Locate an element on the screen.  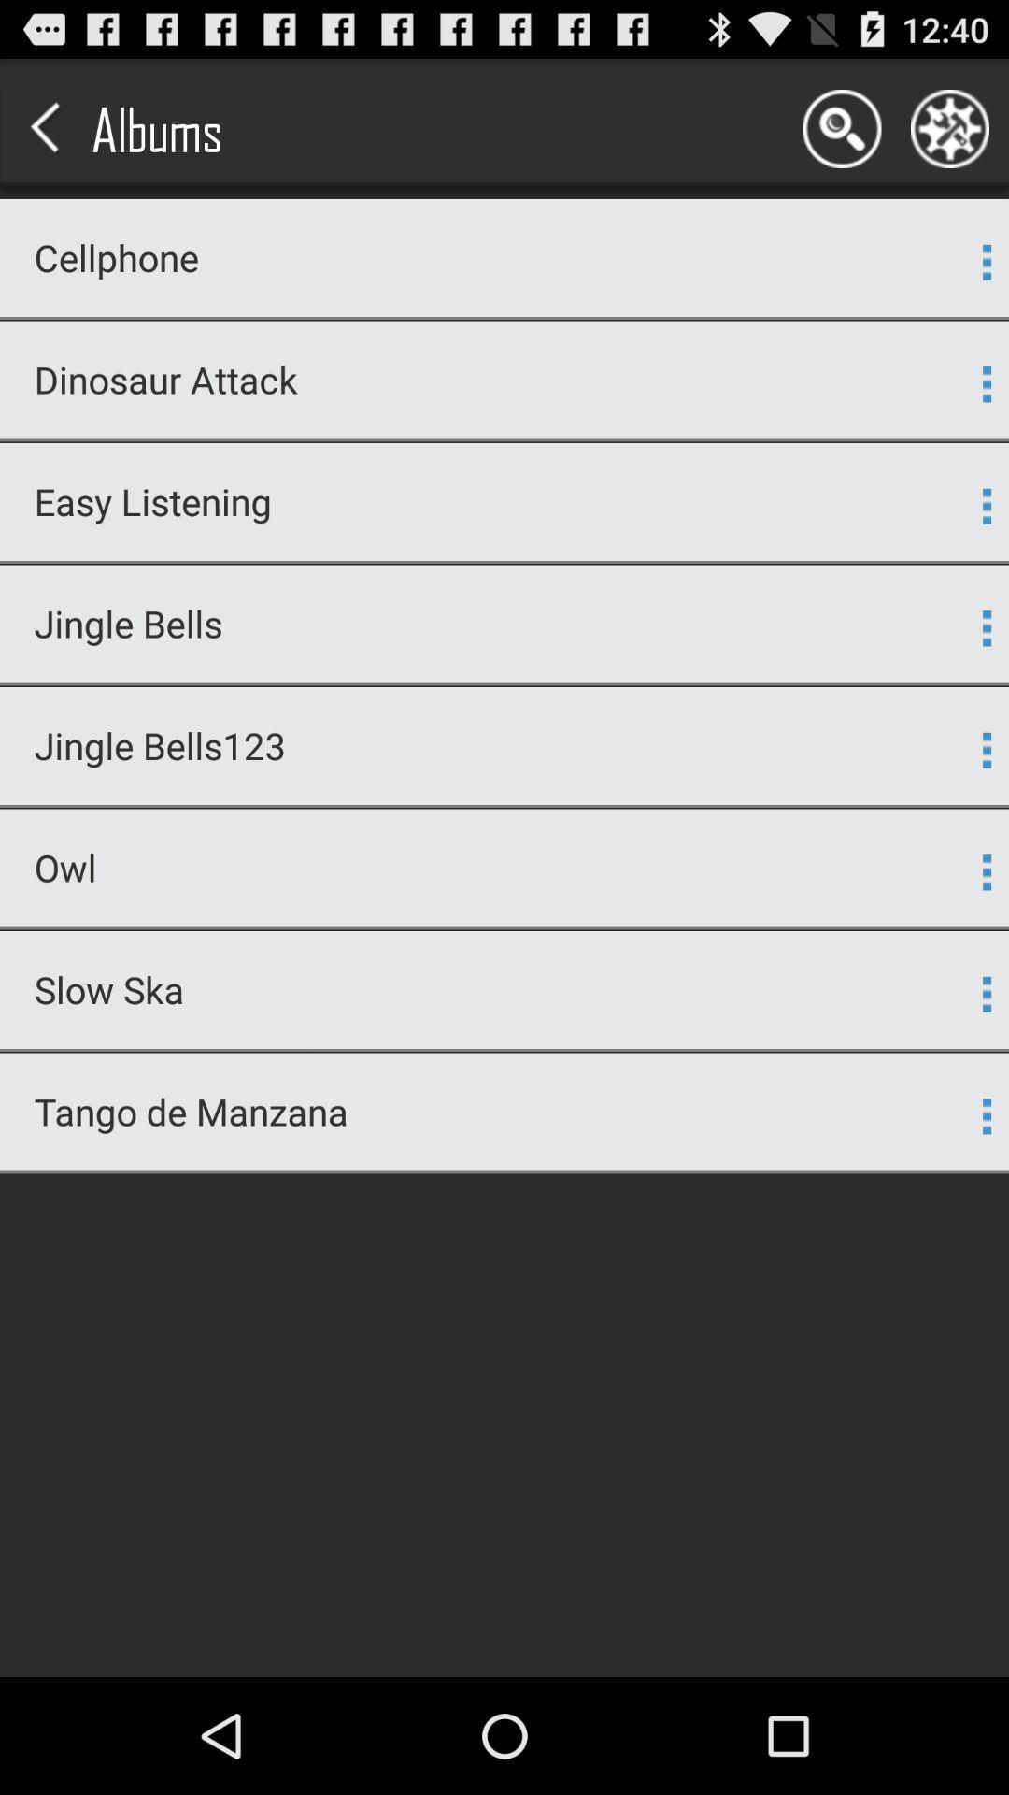
app next to slow ska is located at coordinates (986, 993).